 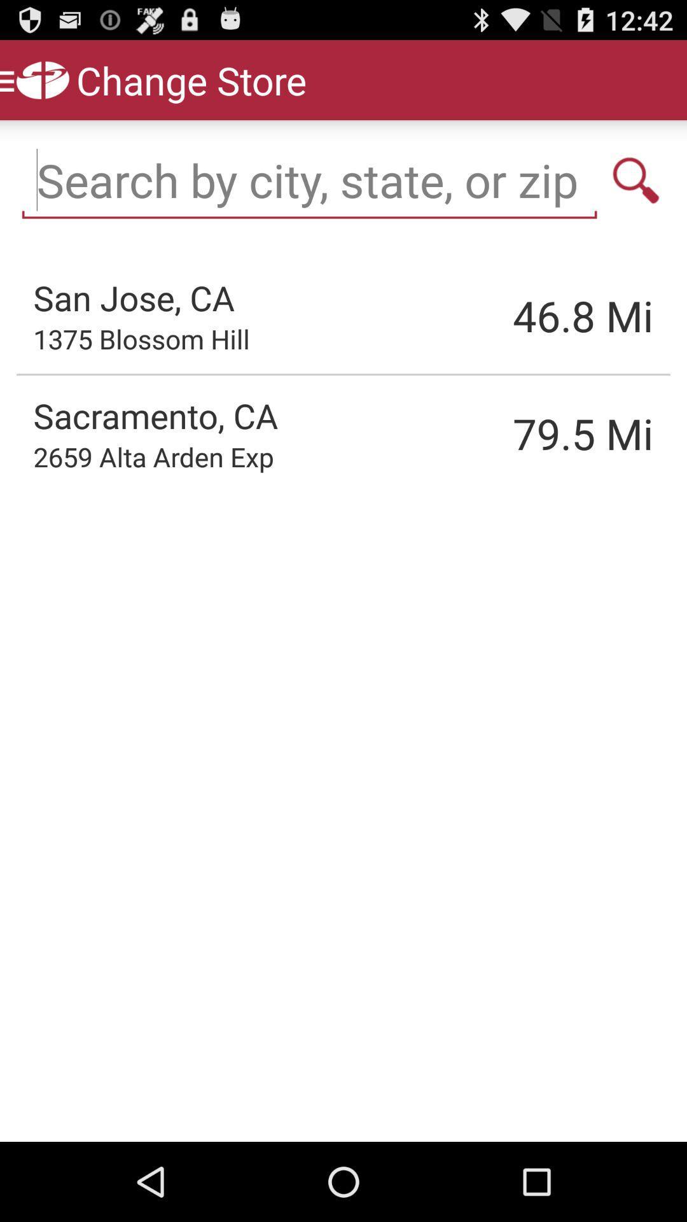 I want to click on app next to 1375 blossom hill icon, so click(x=518, y=316).